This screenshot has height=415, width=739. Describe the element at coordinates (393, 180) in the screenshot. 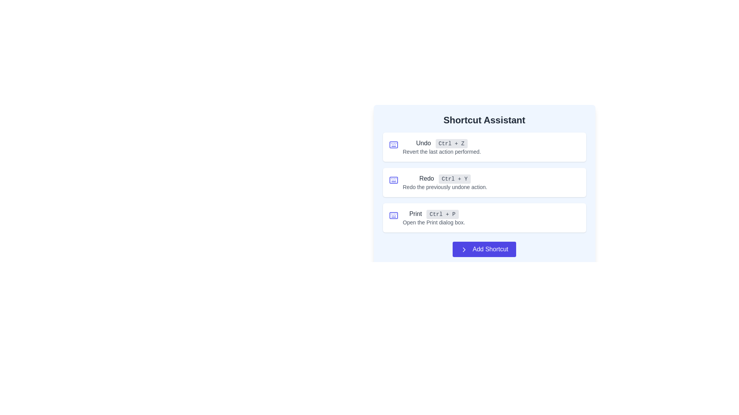

I see `the 'Redo' icon located to the left of the text 'Redo Ctrl + Y' in the second list item of the vertical list` at that location.